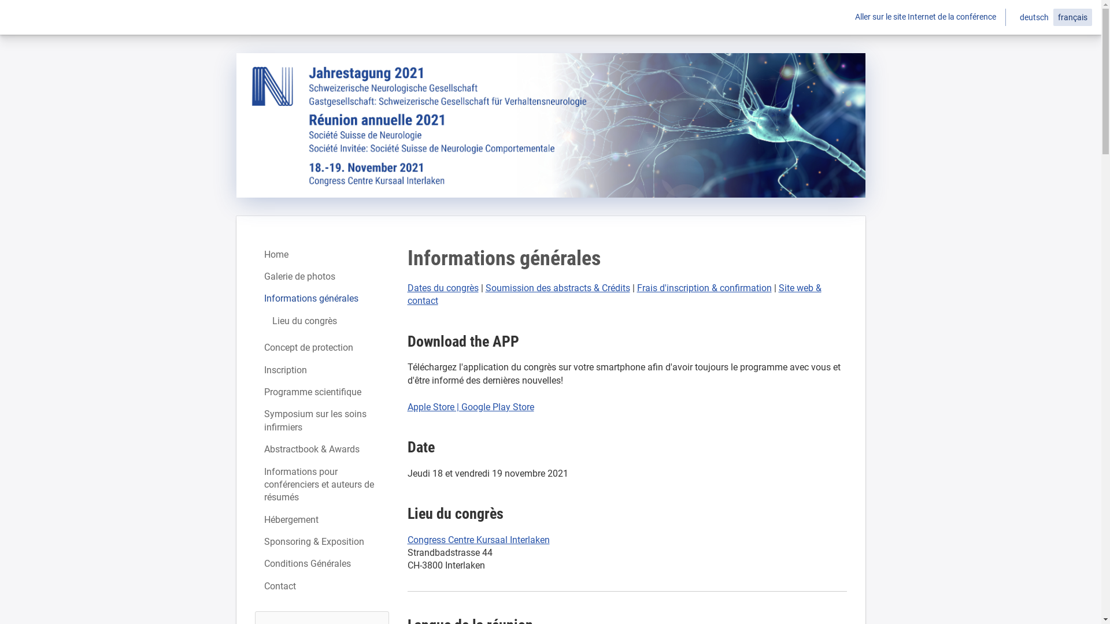 This screenshot has width=1110, height=624. I want to click on 'Concept de protection', so click(321, 347).